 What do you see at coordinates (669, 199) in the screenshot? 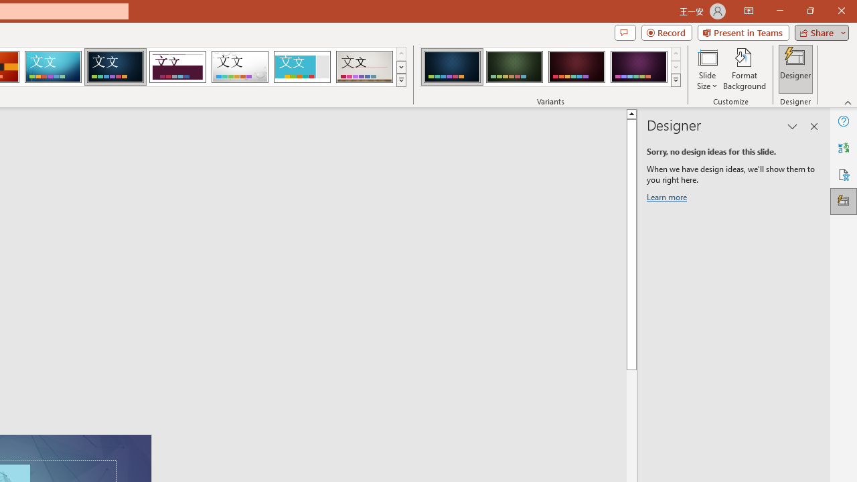
I see `'Learn more'` at bounding box center [669, 199].